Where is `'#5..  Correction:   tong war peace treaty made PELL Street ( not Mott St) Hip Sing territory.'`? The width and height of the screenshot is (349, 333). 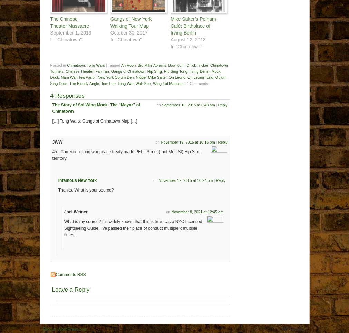 '#5..  Correction:   tong war peace treaty made PELL Street ( not Mott St) Hip Sing territory.' is located at coordinates (126, 155).